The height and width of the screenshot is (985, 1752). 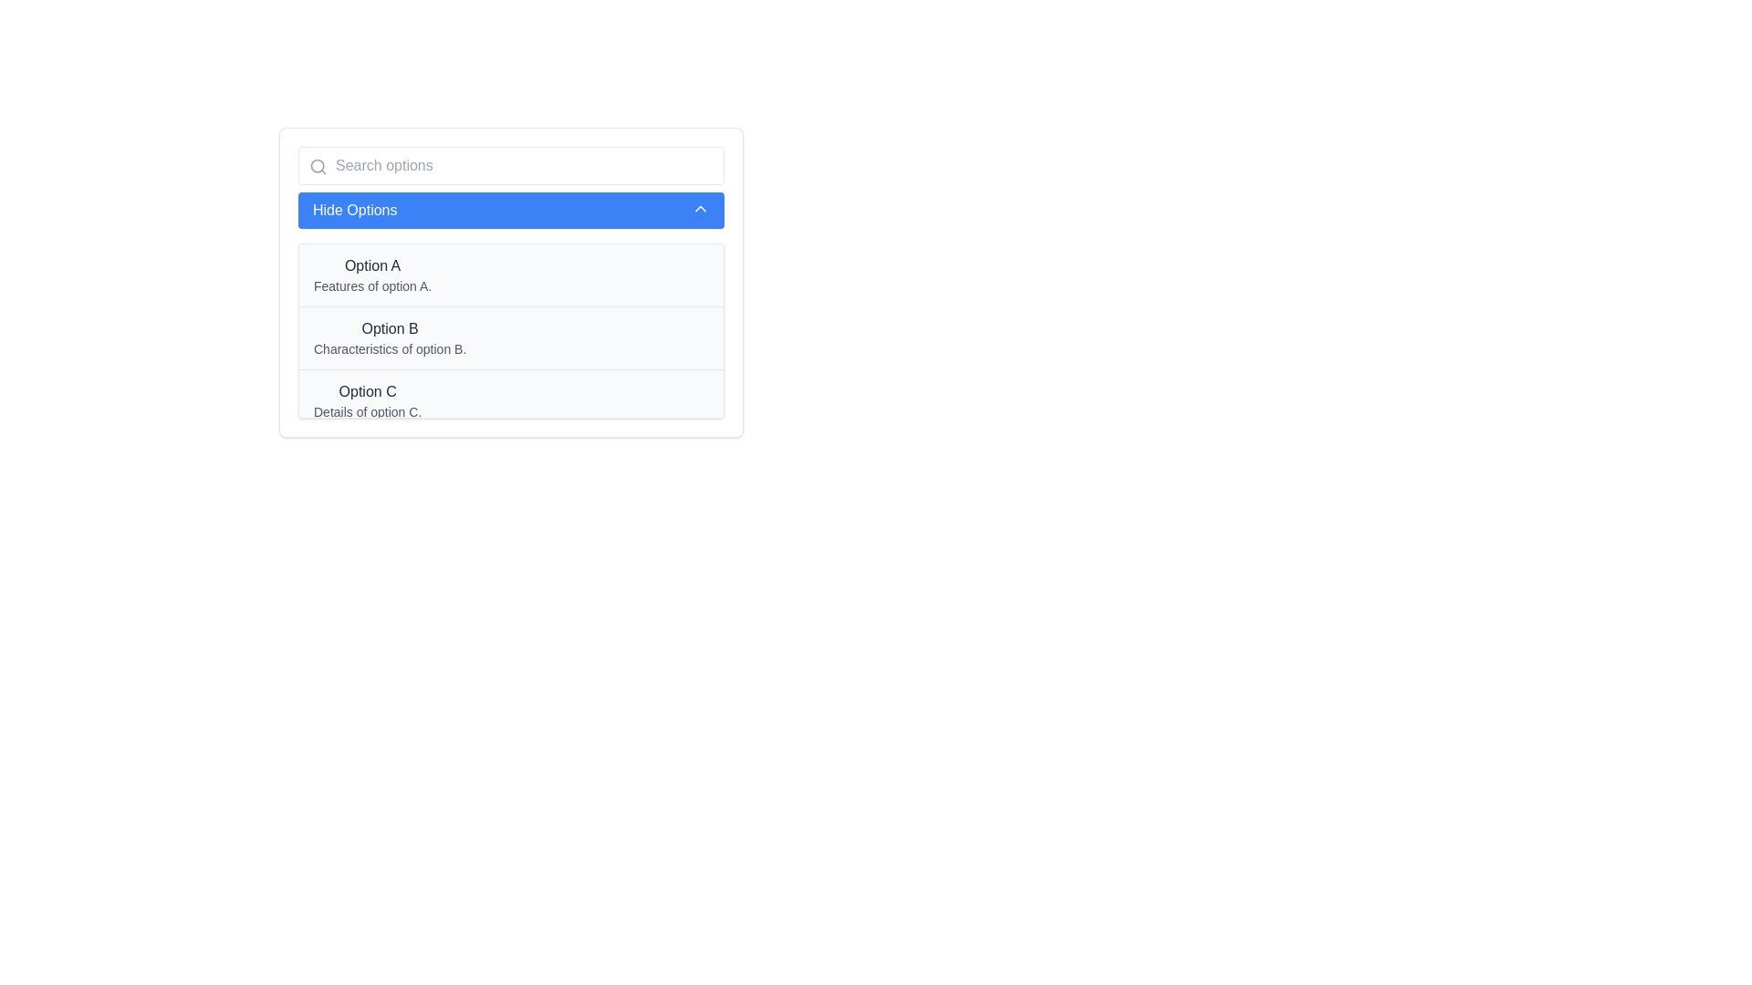 I want to click on the descriptive Text Label for 'Option A' located directly below the heading in the dropdown interface, so click(x=371, y=285).